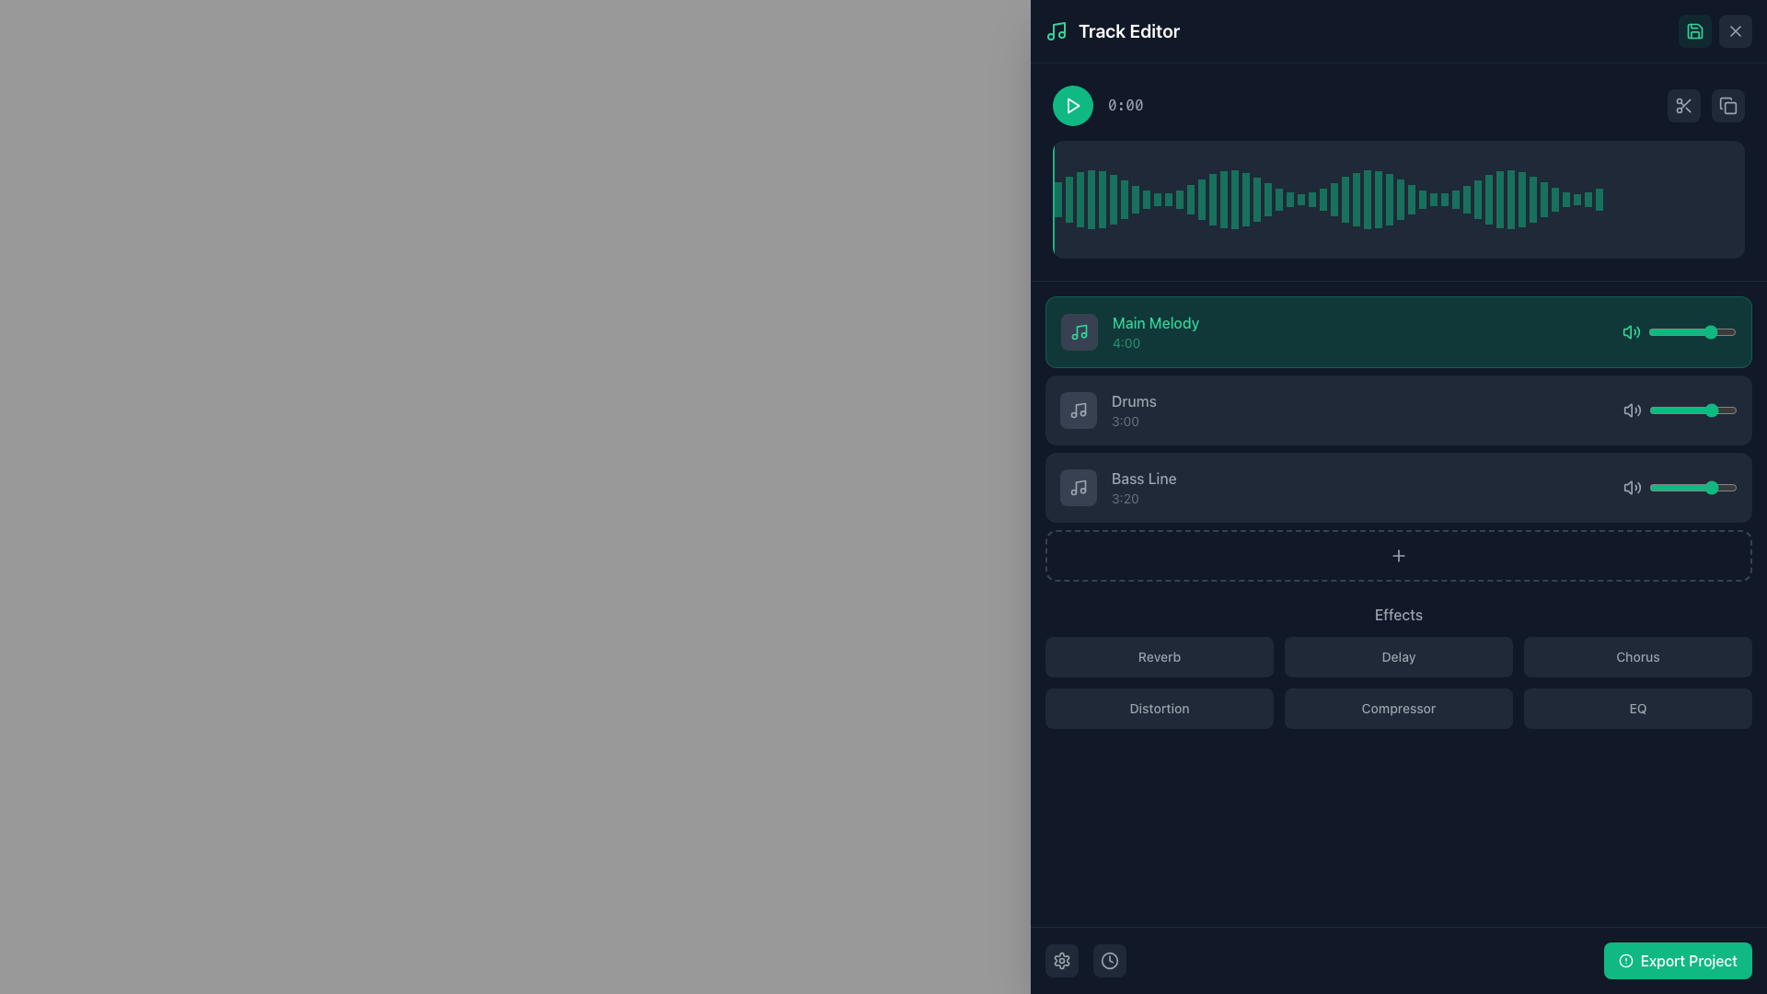 The height and width of the screenshot is (994, 1767). Describe the element at coordinates (1266, 199) in the screenshot. I see `the 20th Waveform Bar, which is a thin vertical bar with a green fill on a dark background, located at the center of the waveform visualization area` at that location.